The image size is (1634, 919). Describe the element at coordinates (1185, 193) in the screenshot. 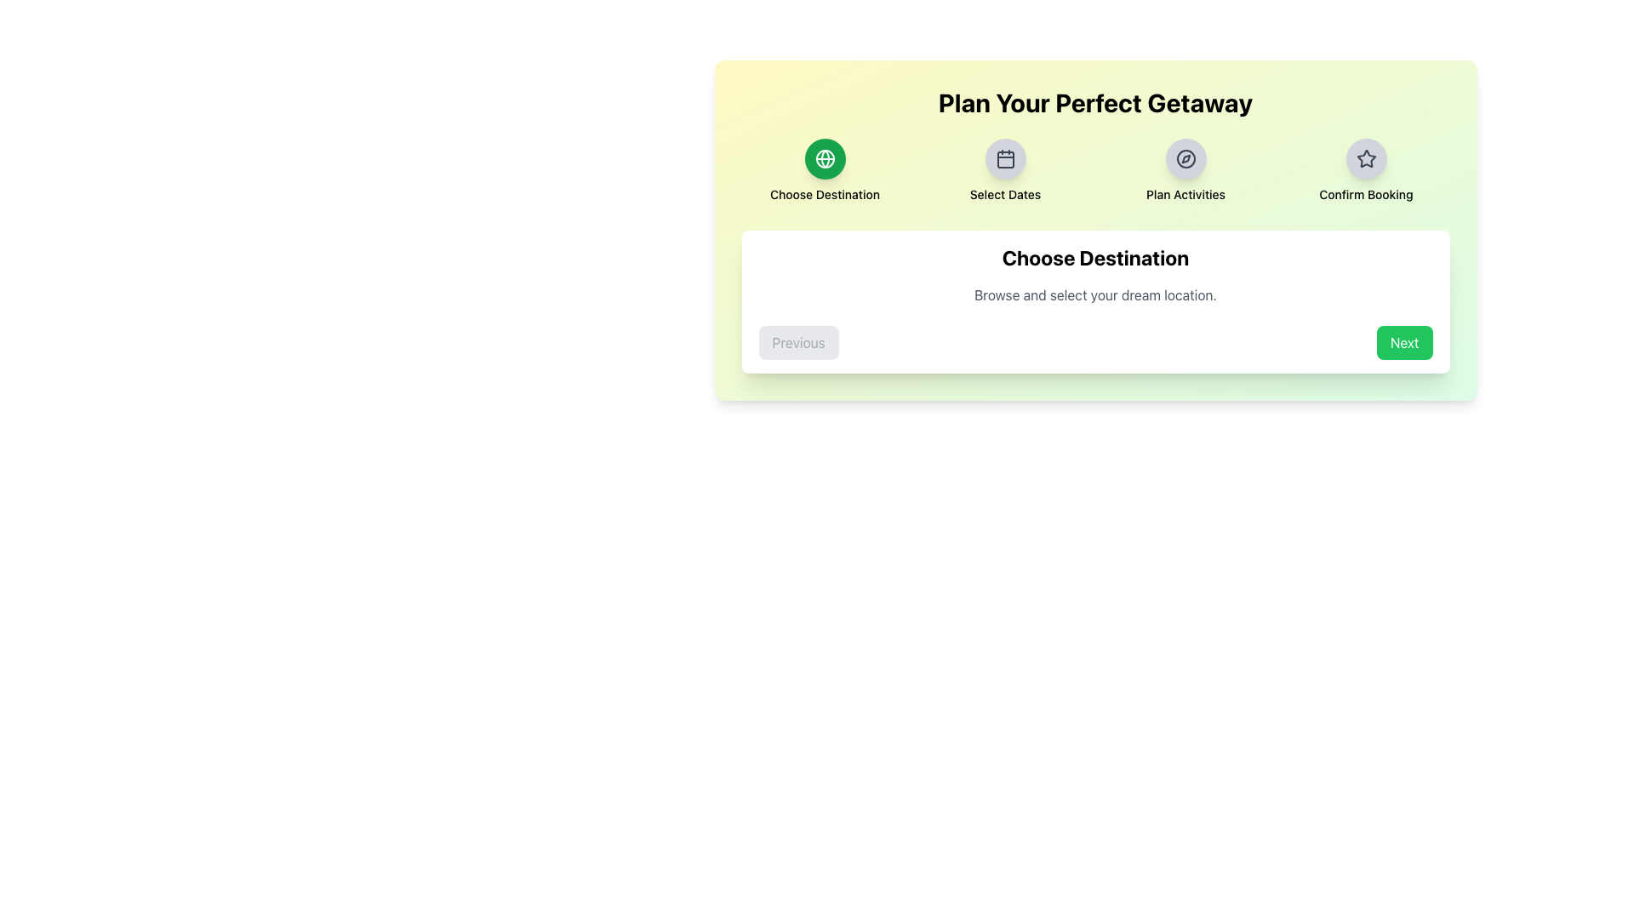

I see `the text label that indicates the step 'Plan Activities' in the multi-step process flow` at that location.